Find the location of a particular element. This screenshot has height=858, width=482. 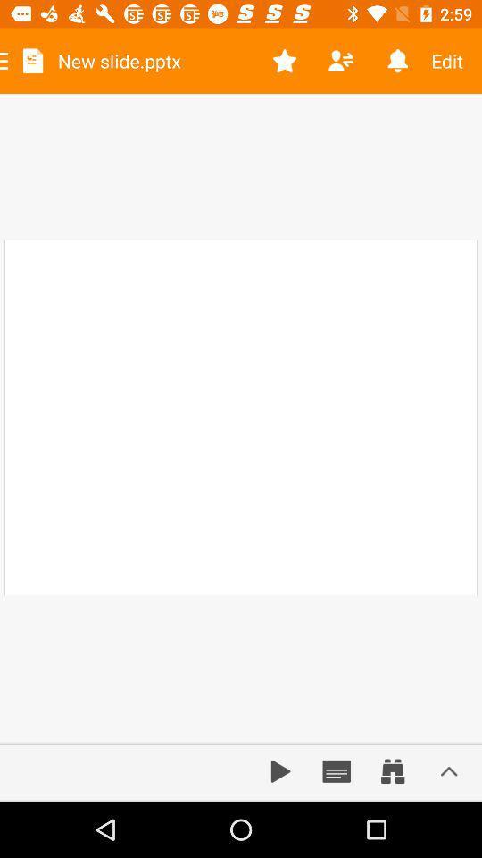

presentation is located at coordinates (280, 770).